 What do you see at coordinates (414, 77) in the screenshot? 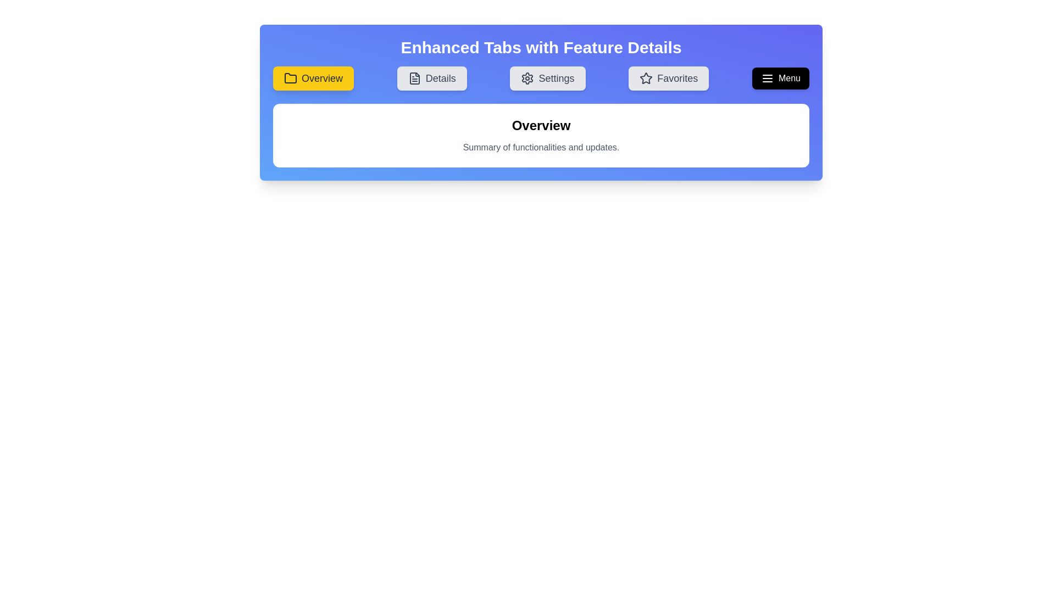
I see `the 'Details' icon located in the navigation bar at the top of the interface, which is the second button from the left` at bounding box center [414, 77].